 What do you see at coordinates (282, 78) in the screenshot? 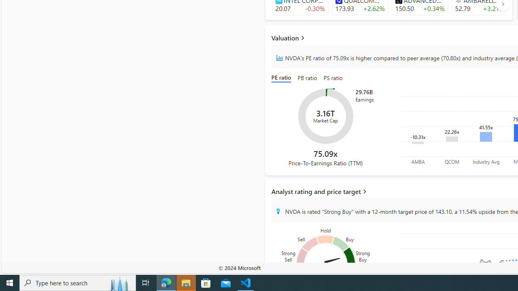
I see `'PE ratio'` at bounding box center [282, 78].